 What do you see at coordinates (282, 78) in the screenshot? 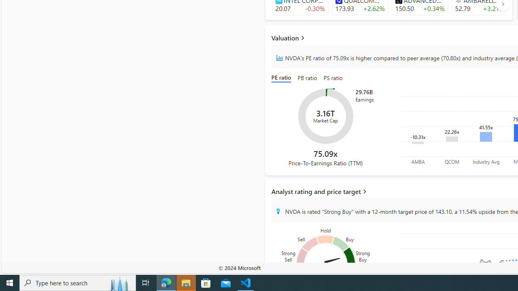
I see `'PE ratio'` at bounding box center [282, 78].